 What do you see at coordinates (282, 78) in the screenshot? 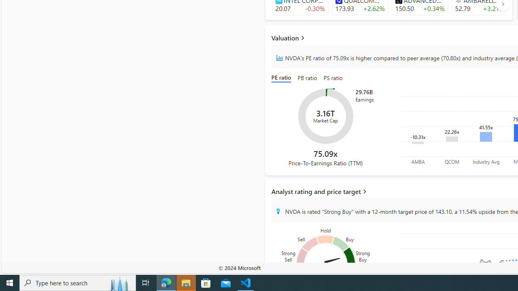
I see `'PE ratio'` at bounding box center [282, 78].